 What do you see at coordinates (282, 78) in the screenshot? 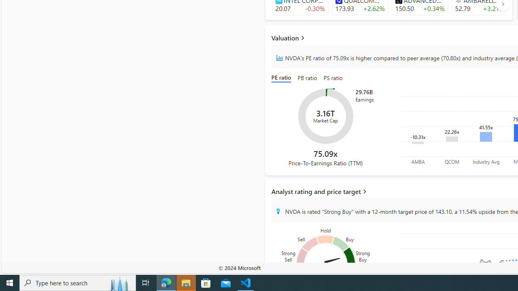
I see `'PE ratio'` at bounding box center [282, 78].